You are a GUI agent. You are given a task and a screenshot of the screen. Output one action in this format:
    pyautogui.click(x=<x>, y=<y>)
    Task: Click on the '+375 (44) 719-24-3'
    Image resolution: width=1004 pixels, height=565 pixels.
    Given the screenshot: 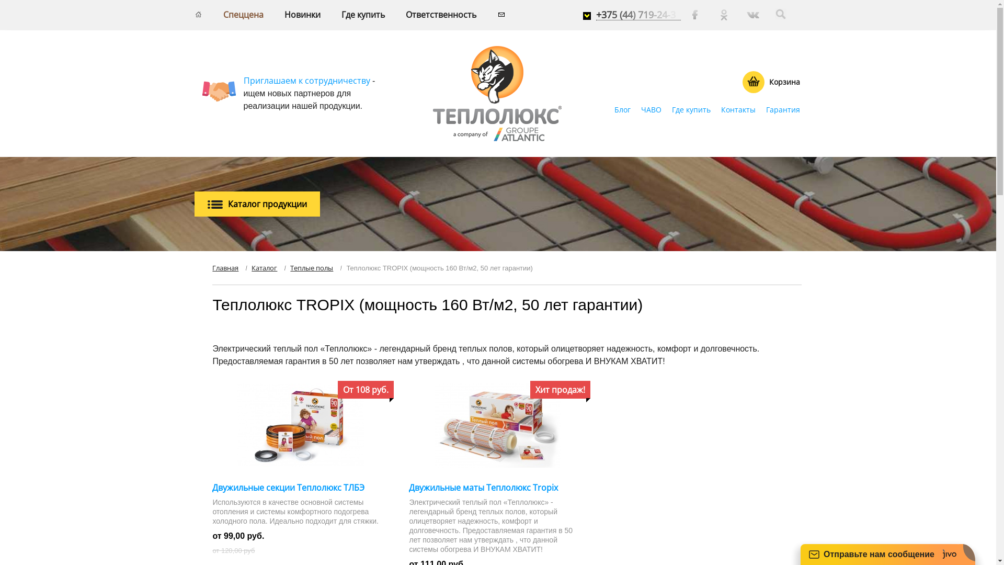 What is the action you would take?
    pyautogui.click(x=637, y=15)
    